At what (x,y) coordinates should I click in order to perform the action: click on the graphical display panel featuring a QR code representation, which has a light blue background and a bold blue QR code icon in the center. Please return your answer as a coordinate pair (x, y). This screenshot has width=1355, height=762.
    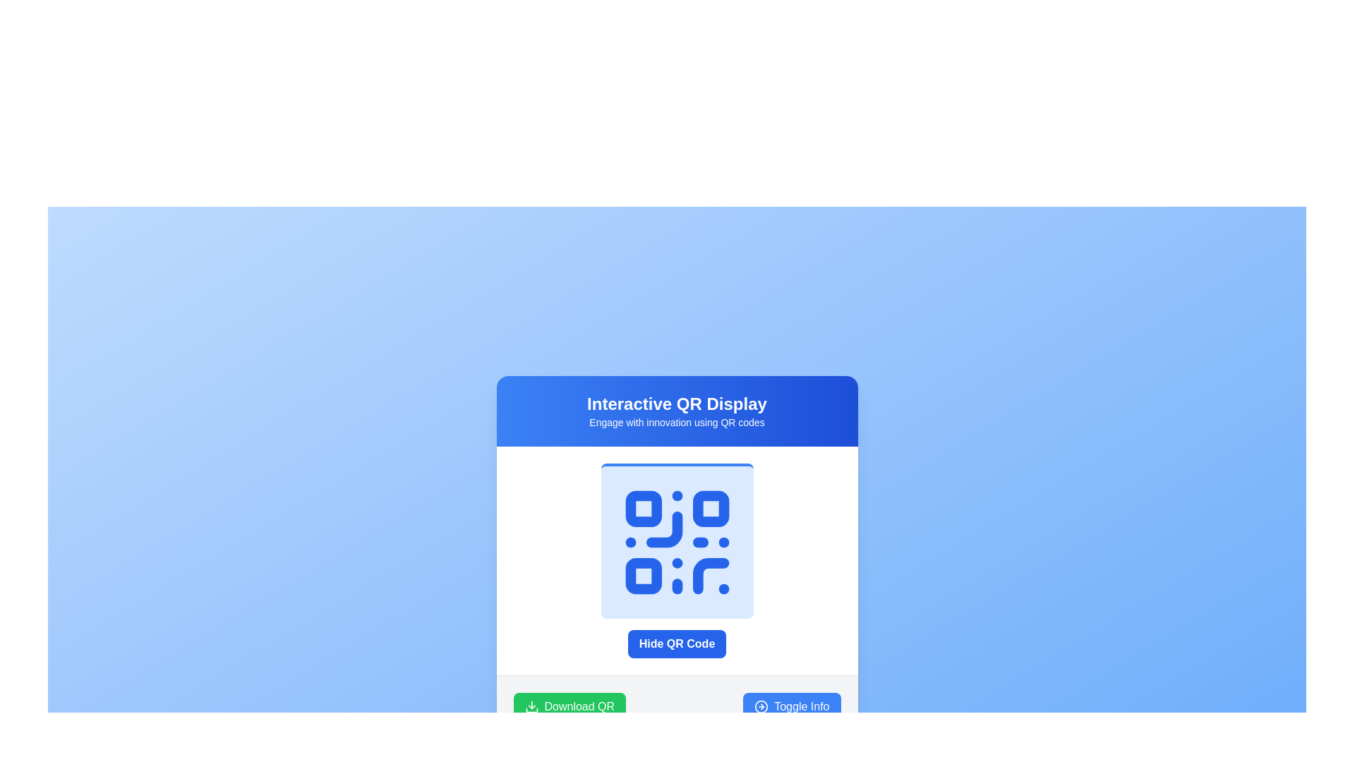
    Looking at the image, I should click on (676, 540).